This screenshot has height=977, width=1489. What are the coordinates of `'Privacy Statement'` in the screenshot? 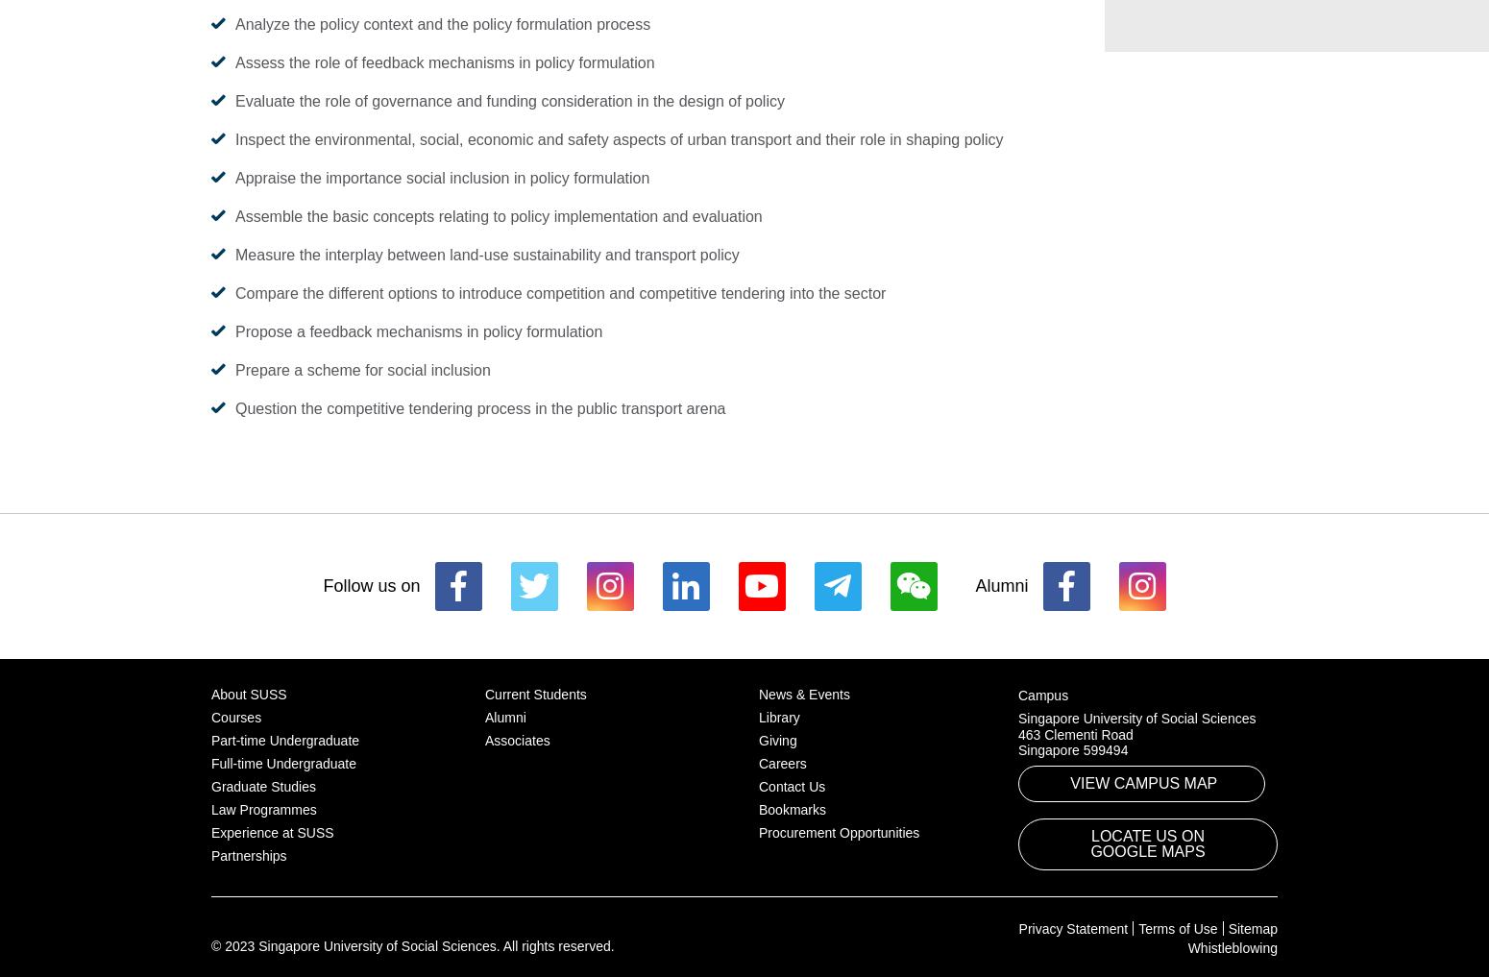 It's located at (1071, 928).